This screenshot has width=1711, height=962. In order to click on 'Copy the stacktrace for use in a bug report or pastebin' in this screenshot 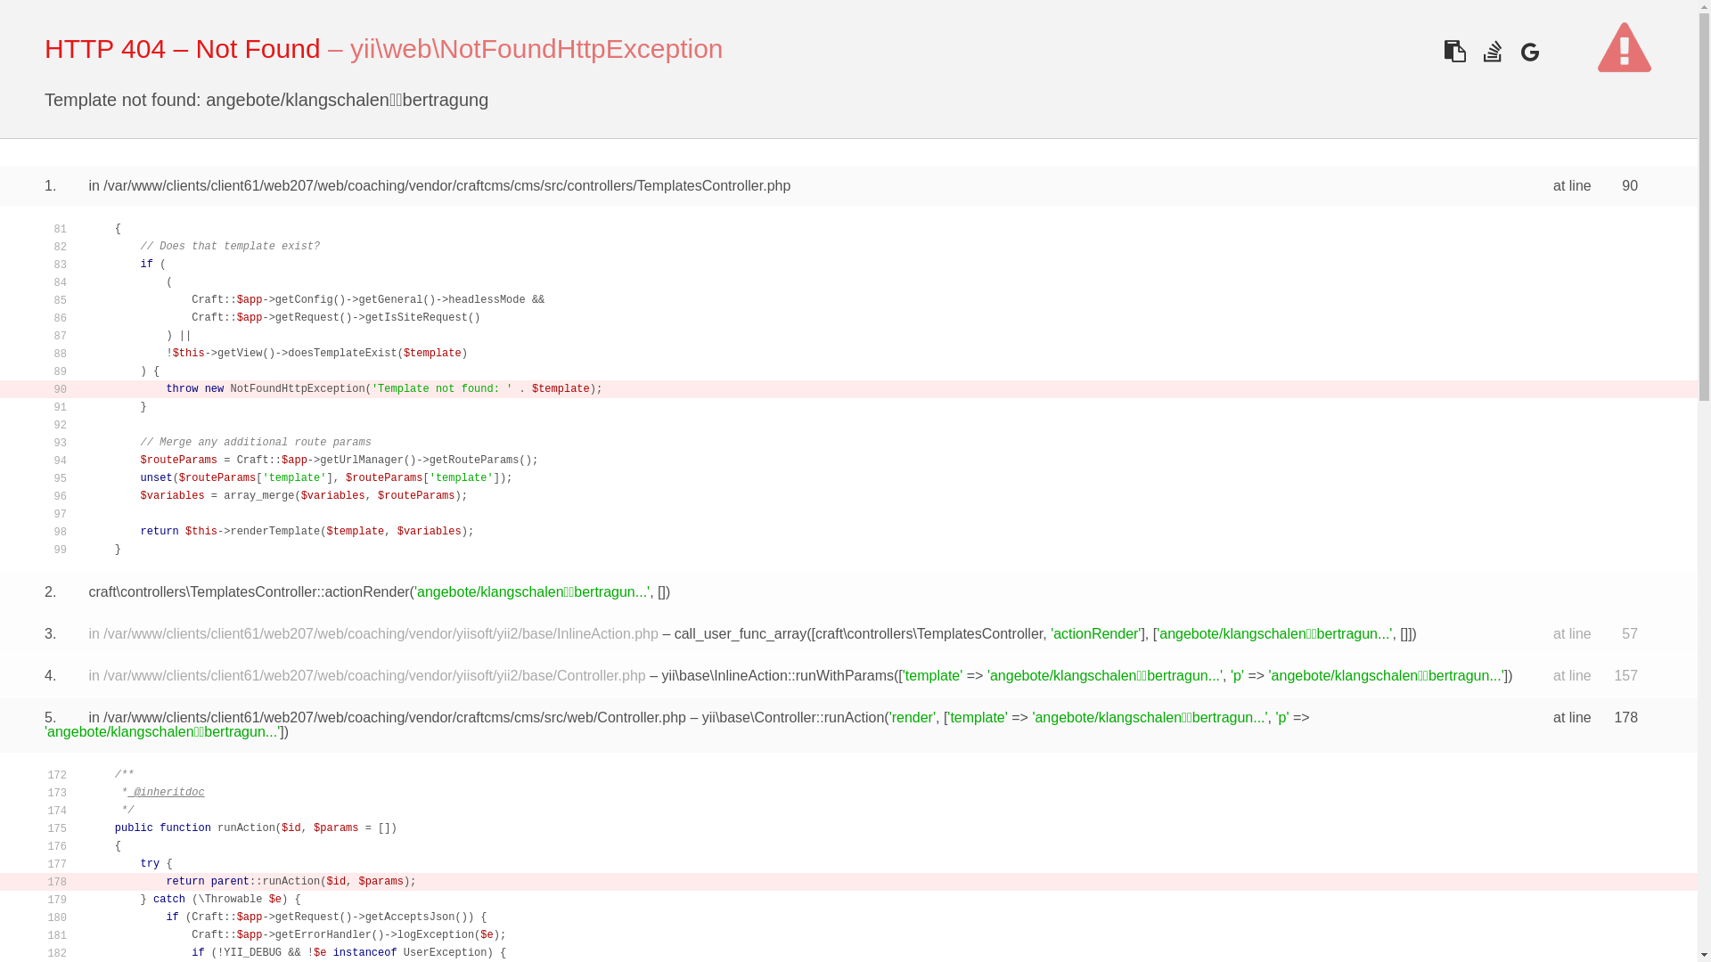, I will do `click(1454, 50)`.